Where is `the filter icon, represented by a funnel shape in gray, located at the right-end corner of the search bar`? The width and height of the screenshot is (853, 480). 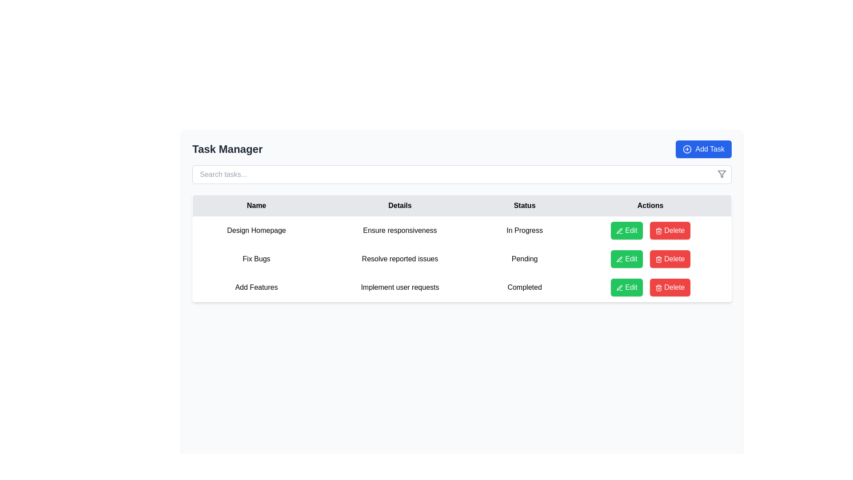
the filter icon, represented by a funnel shape in gray, located at the right-end corner of the search bar is located at coordinates (722, 174).